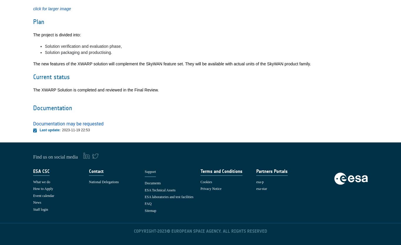 The image size is (401, 245). What do you see at coordinates (206, 181) in the screenshot?
I see `'Cookies'` at bounding box center [206, 181].